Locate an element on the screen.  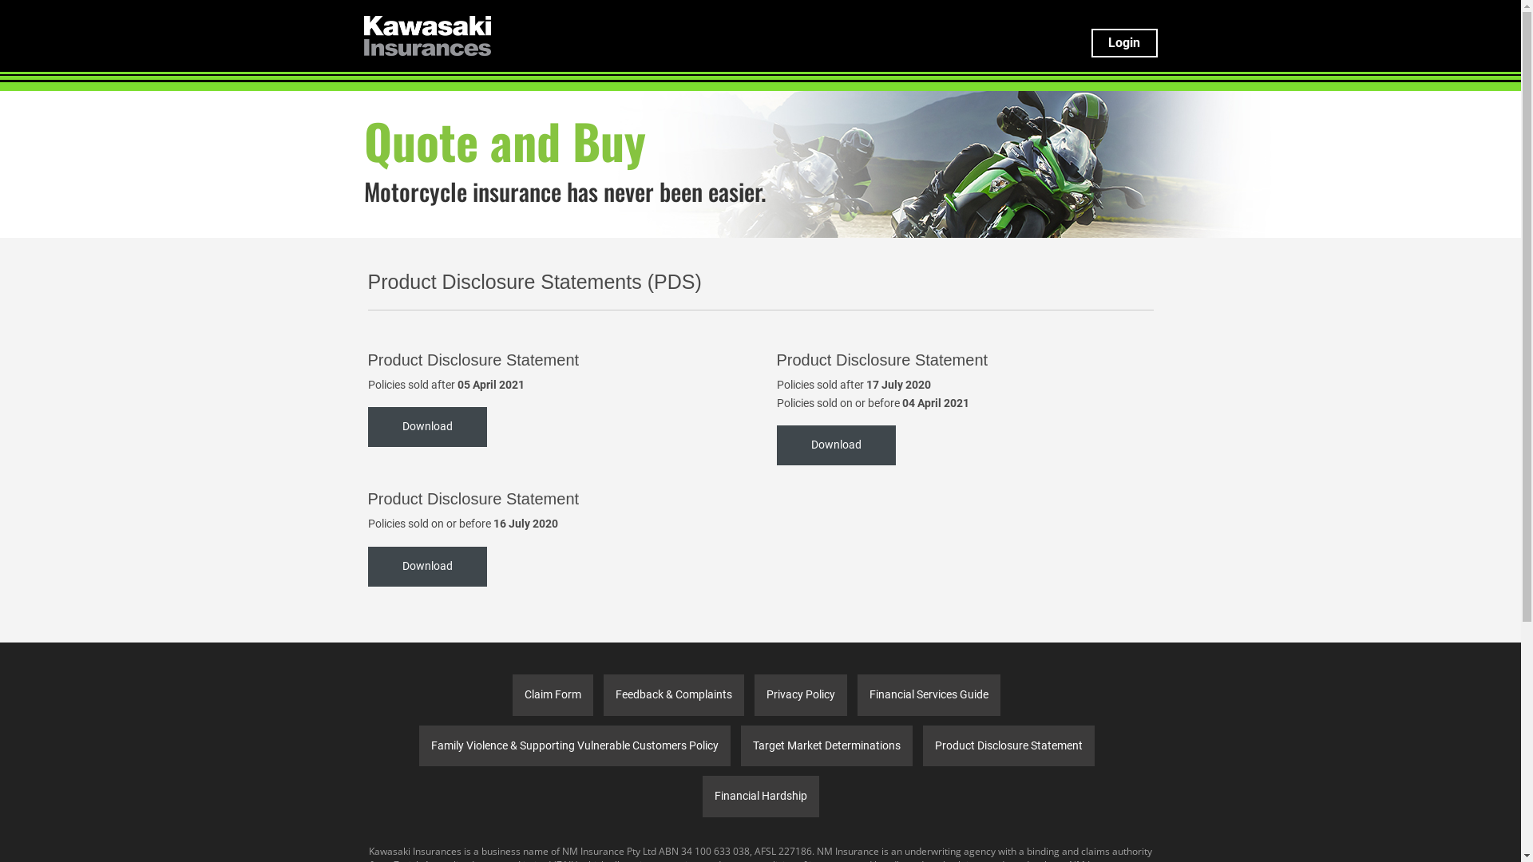
'Financial Hardship' is located at coordinates (702, 797).